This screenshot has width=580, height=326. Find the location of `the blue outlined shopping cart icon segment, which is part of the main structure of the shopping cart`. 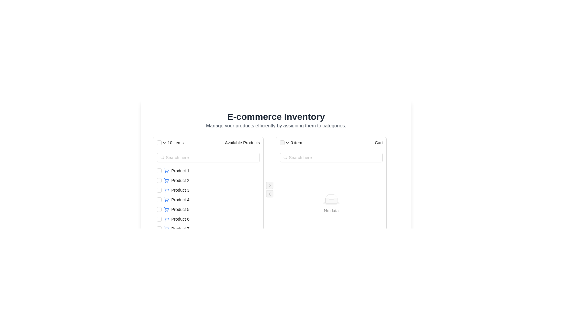

the blue outlined shopping cart icon segment, which is part of the main structure of the shopping cart is located at coordinates (166, 209).